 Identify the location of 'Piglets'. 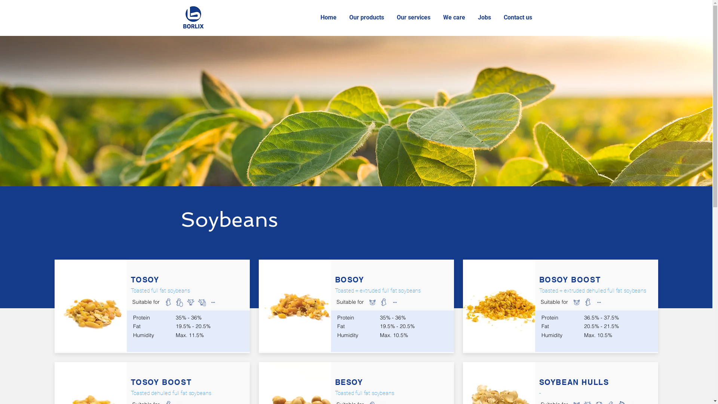
(576, 301).